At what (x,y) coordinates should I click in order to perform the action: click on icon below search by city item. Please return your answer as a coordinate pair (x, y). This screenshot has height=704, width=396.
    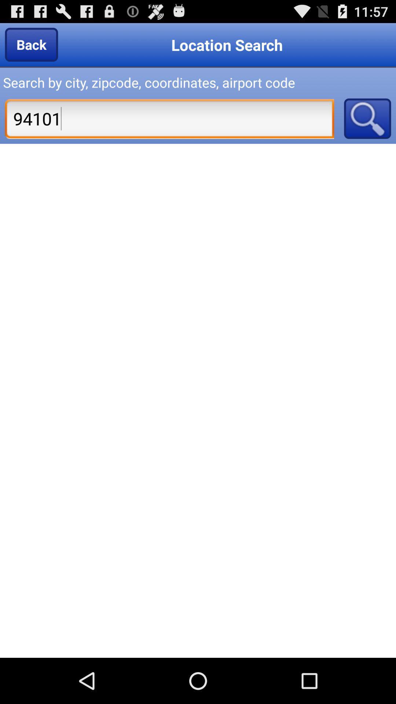
    Looking at the image, I should click on (169, 118).